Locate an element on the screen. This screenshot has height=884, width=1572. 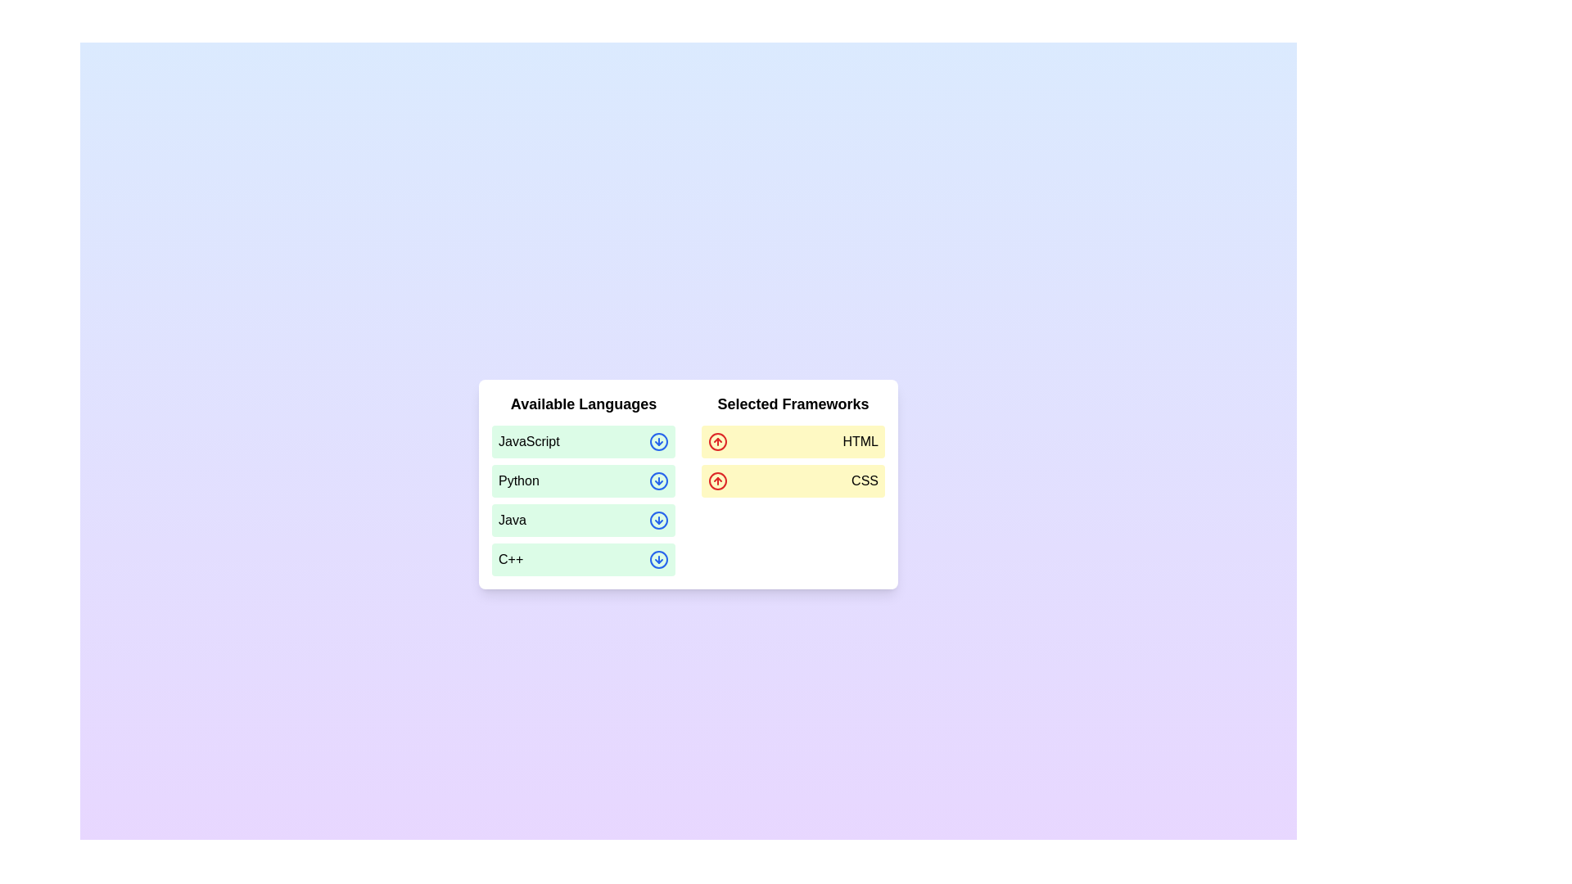
the icon corresponding to CSS is located at coordinates (718, 480).